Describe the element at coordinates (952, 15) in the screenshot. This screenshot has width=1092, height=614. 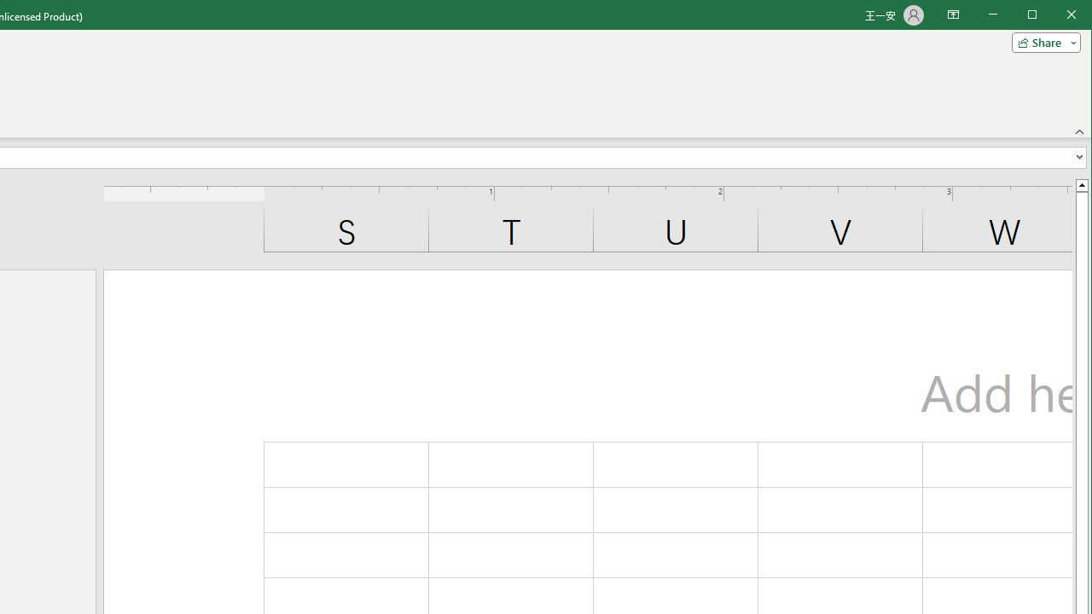
I see `'Ribbon Display Options'` at that location.